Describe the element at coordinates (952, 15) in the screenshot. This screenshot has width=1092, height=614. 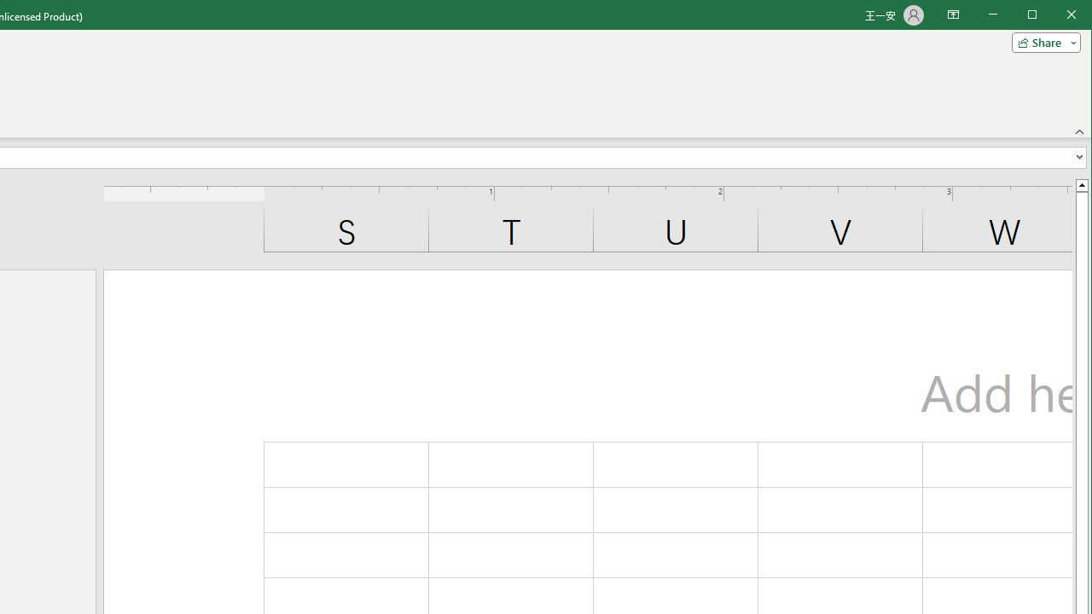
I see `'Ribbon Display Options'` at that location.